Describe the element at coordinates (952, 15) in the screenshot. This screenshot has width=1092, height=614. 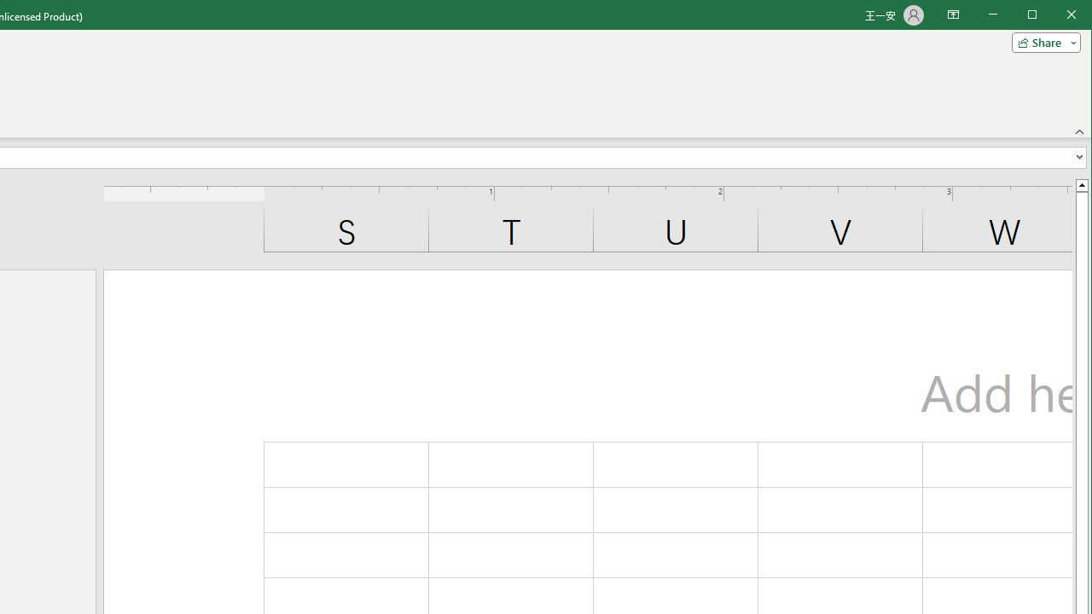
I see `'Ribbon Display Options'` at that location.